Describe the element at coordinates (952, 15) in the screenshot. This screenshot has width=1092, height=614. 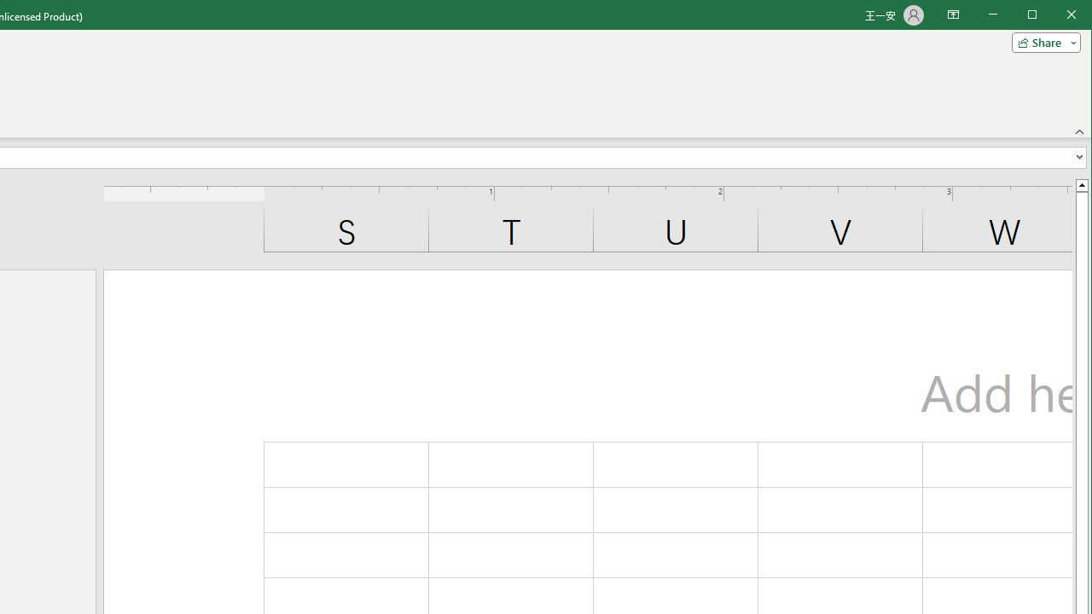
I see `'Ribbon Display Options'` at that location.